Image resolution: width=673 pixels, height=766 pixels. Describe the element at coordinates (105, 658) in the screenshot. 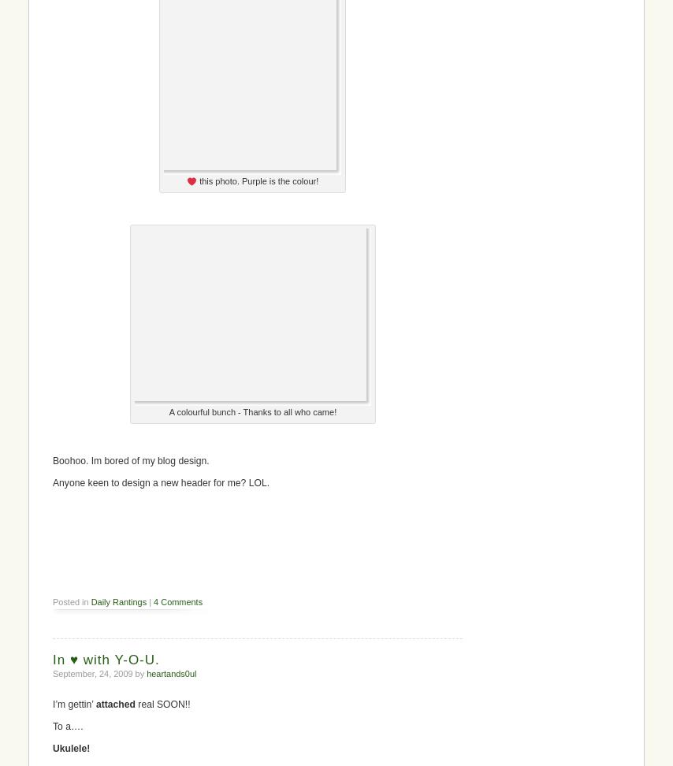

I see `'In ♥ with Y-O-U.'` at that location.